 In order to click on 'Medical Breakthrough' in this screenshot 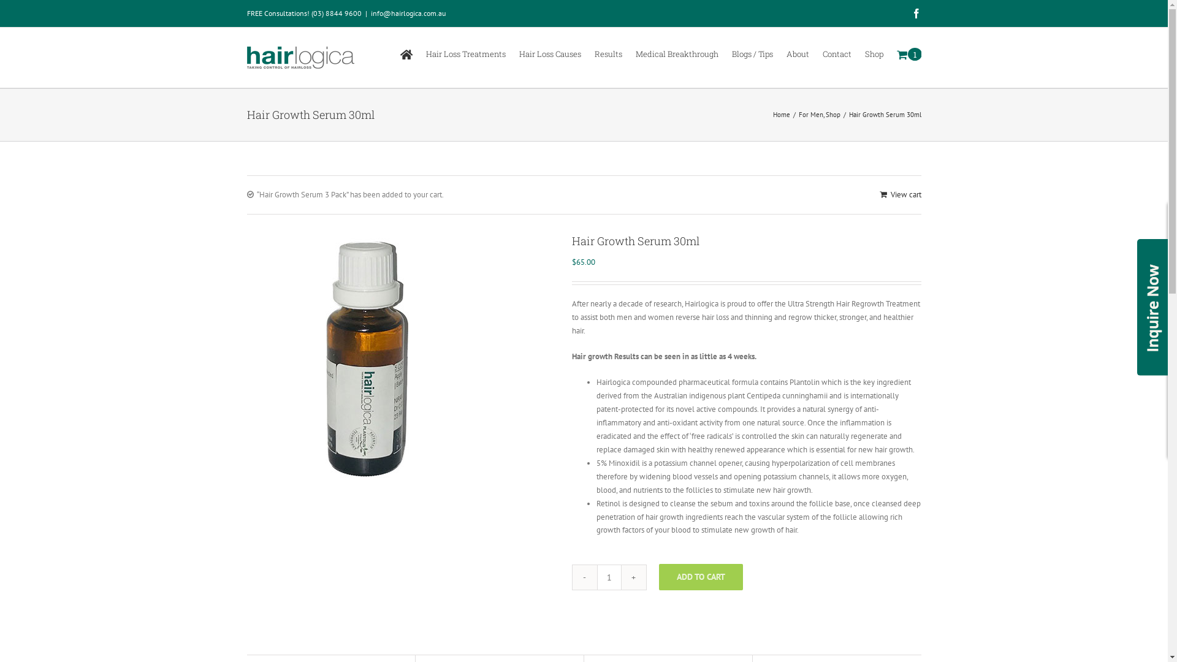, I will do `click(635, 53)`.